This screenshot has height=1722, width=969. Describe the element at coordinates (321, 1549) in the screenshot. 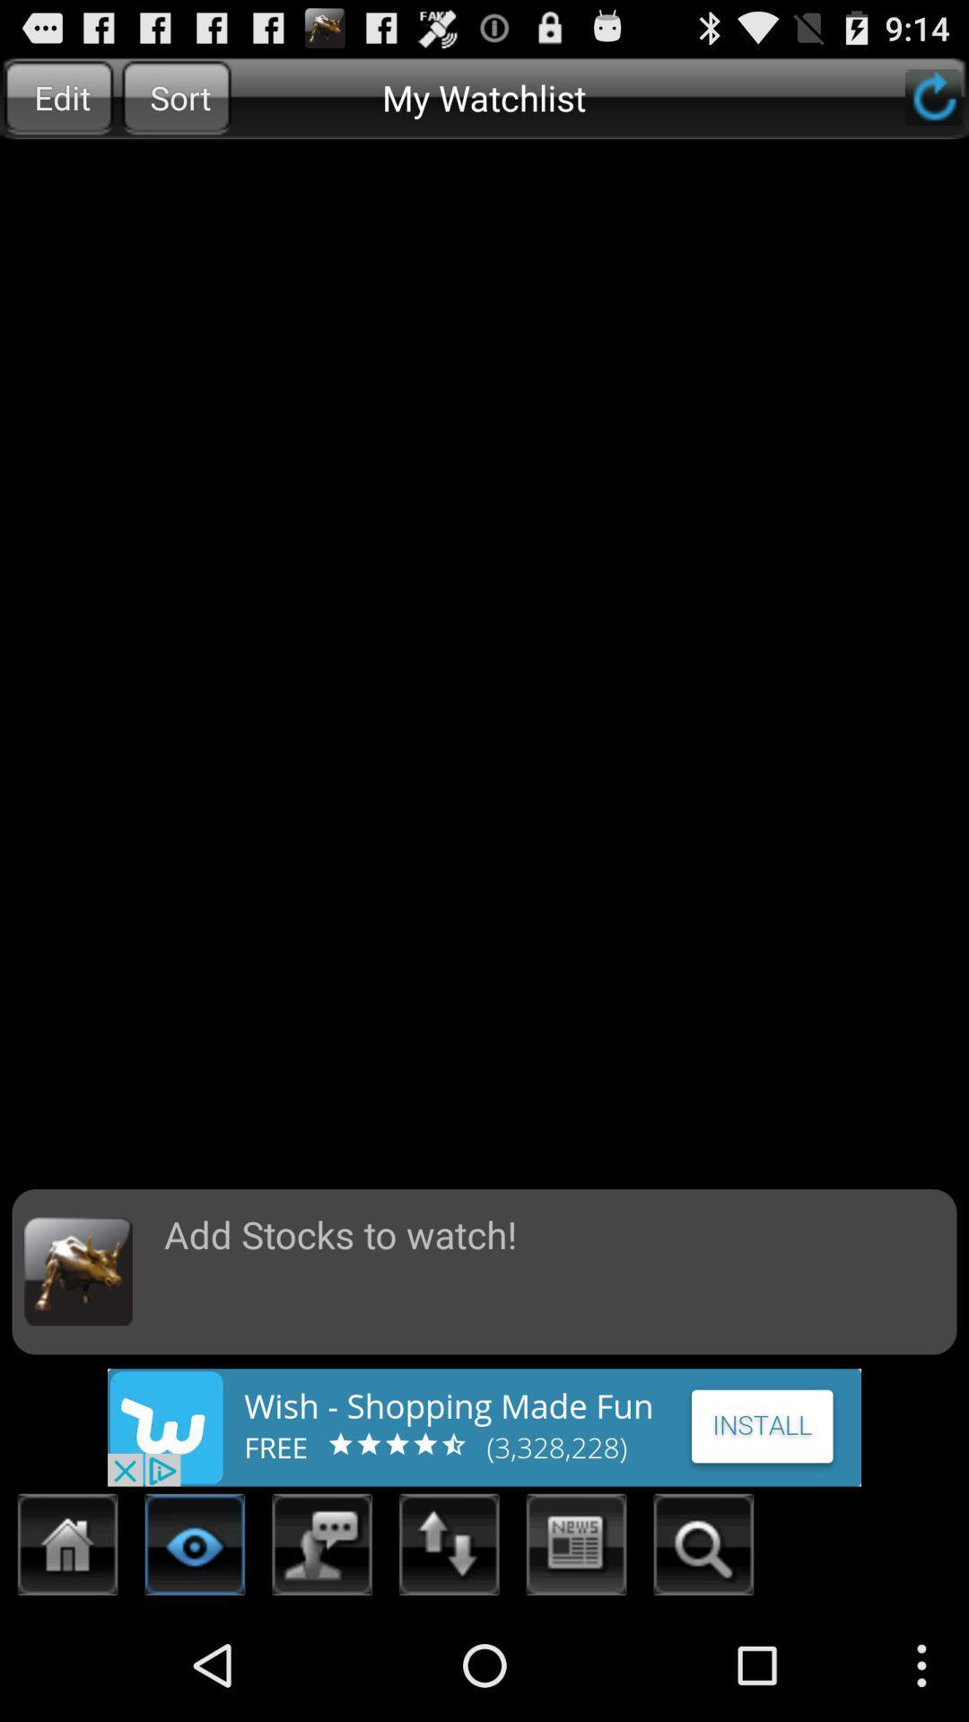

I see `chat with others` at that location.